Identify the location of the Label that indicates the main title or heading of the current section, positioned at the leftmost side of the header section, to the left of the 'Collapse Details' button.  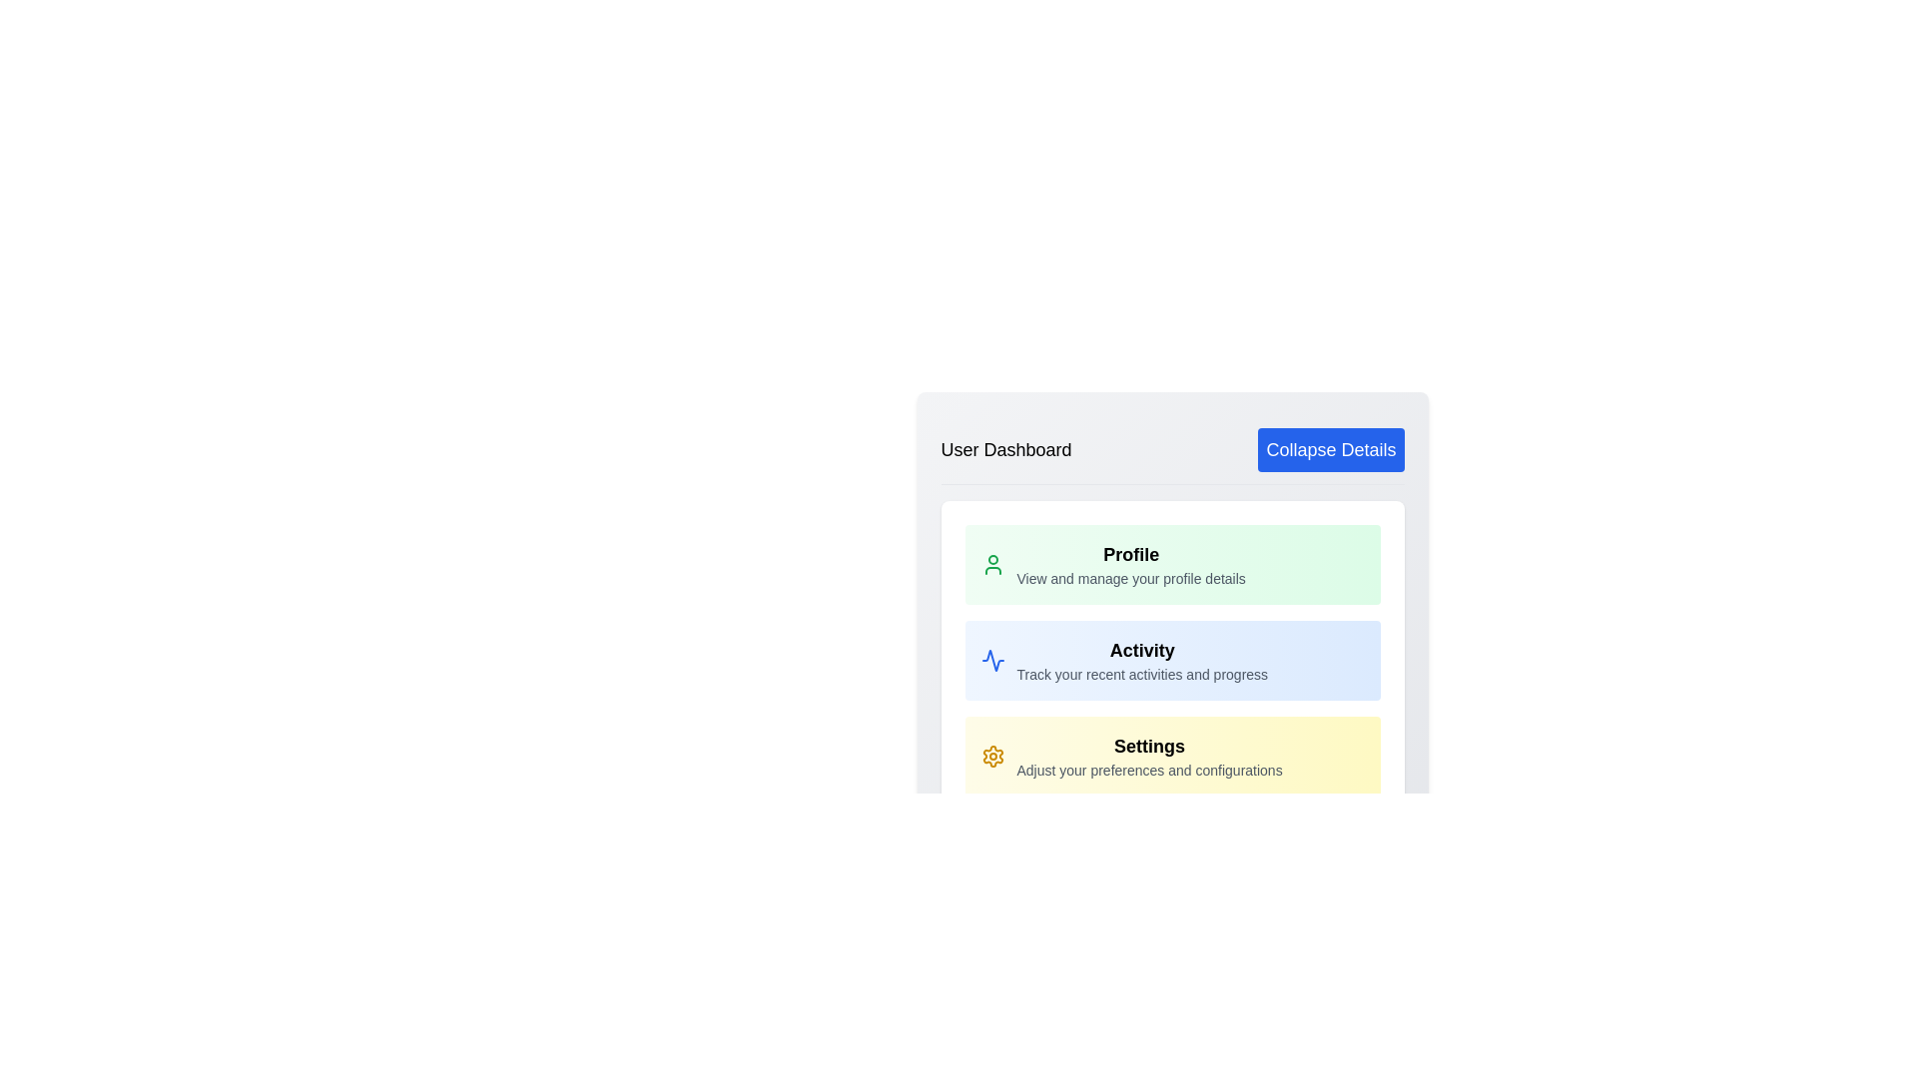
(1006, 450).